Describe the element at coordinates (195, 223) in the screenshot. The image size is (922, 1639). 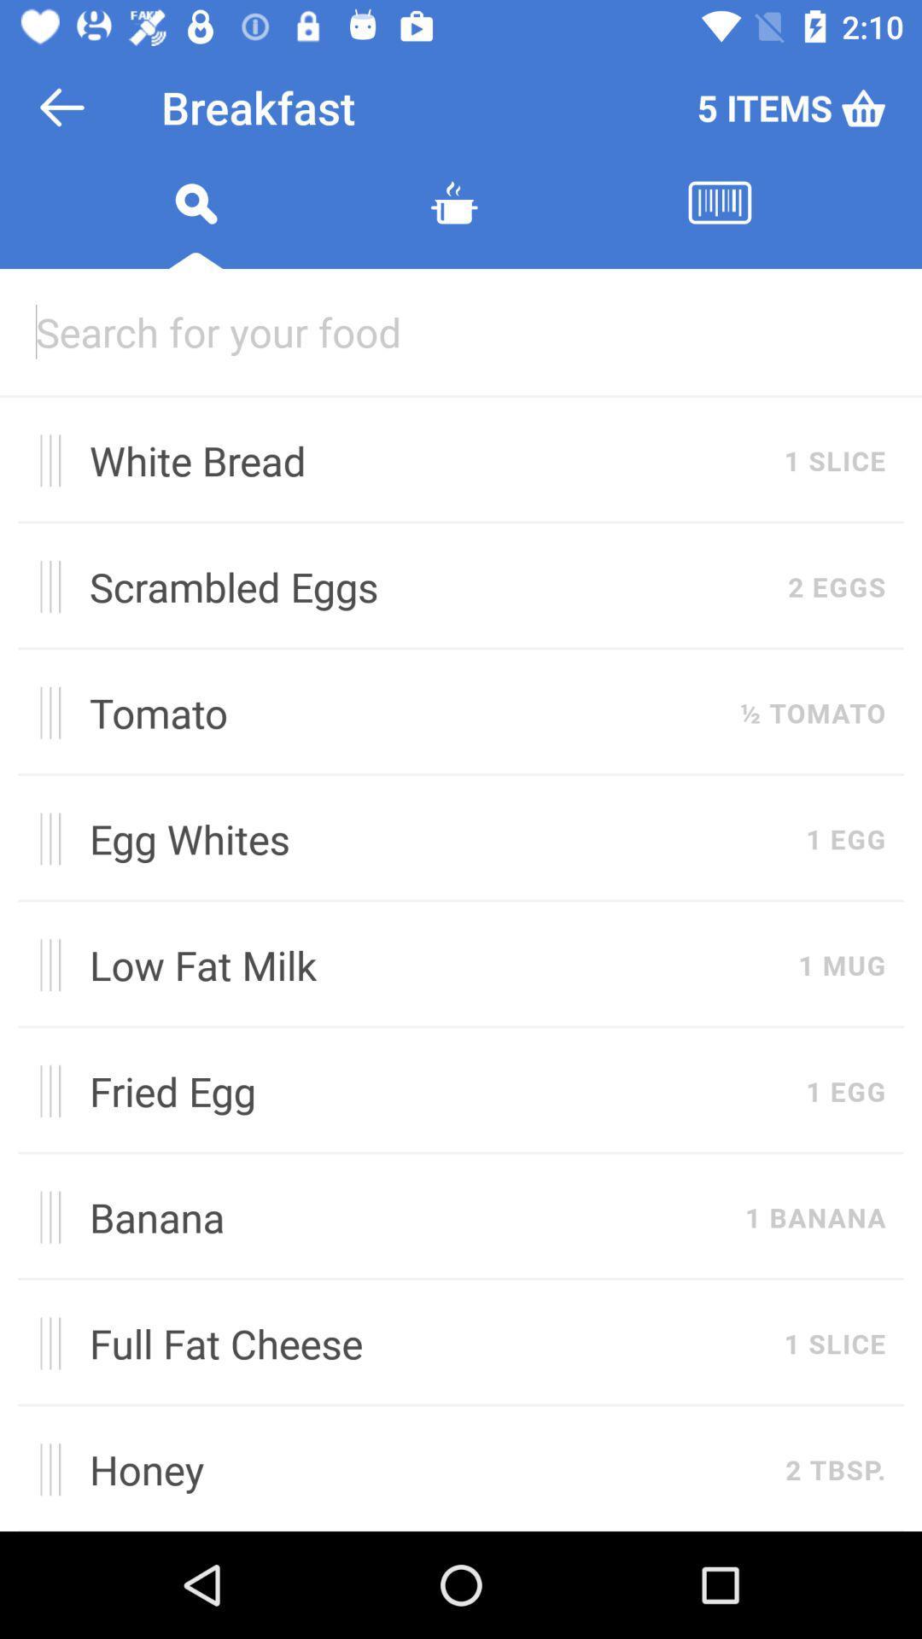
I see `search` at that location.